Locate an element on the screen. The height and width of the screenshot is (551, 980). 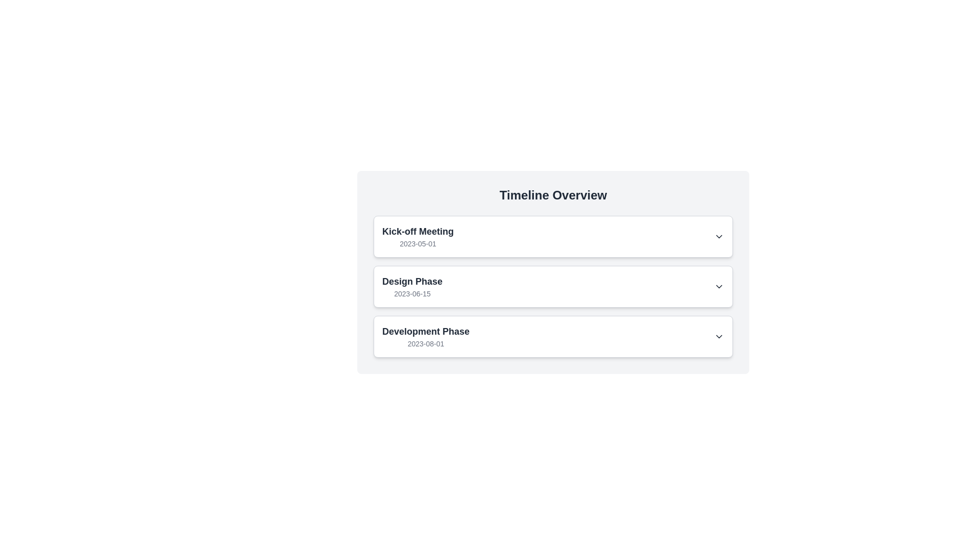
the downward-pointing chevron icon located to the far right of the 'Design Phase' section is located at coordinates (719, 287).